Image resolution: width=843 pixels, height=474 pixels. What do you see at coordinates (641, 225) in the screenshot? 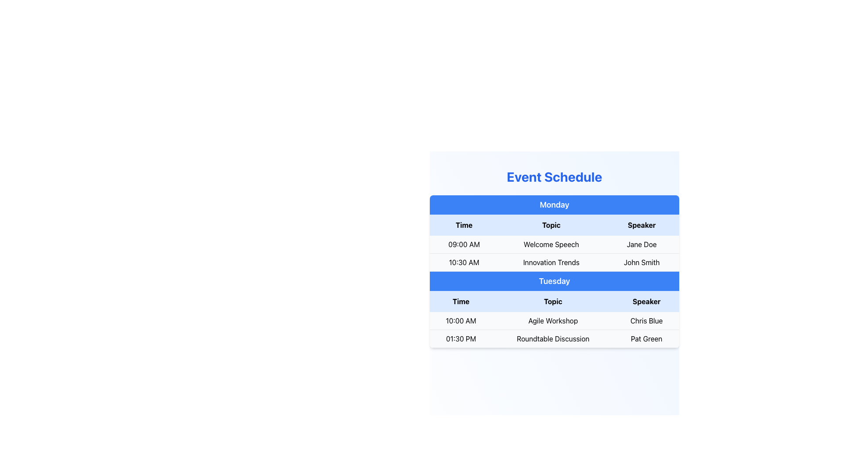
I see `the header text for the 'Speaker' column in the table, which is located in the top row as the third column header after 'Time' and 'Topic'` at bounding box center [641, 225].